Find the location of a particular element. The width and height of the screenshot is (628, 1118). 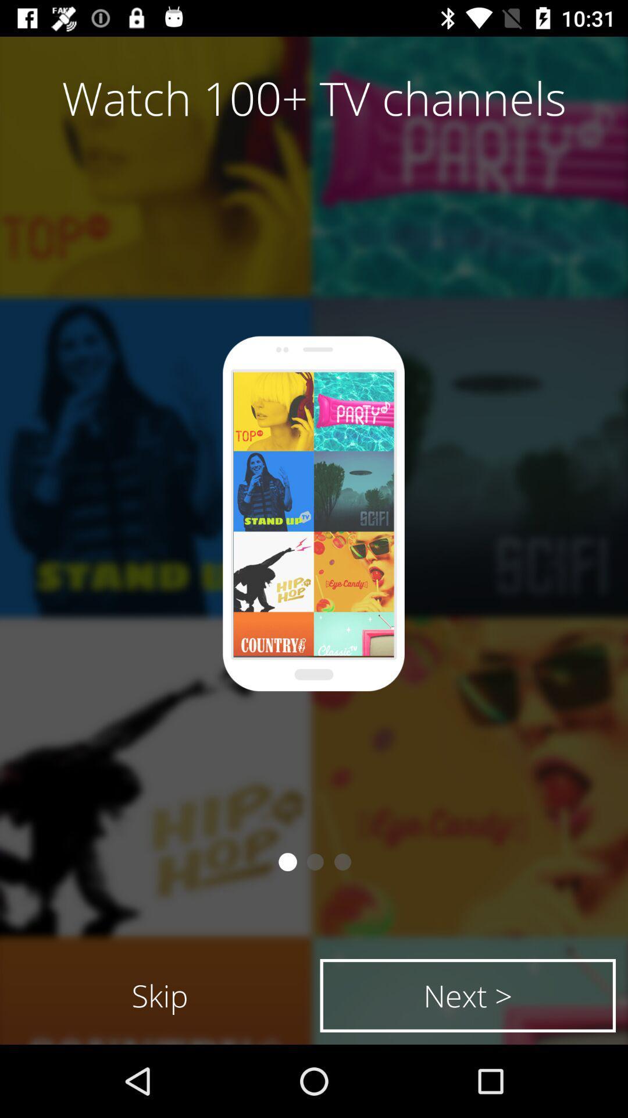

next > is located at coordinates (467, 995).